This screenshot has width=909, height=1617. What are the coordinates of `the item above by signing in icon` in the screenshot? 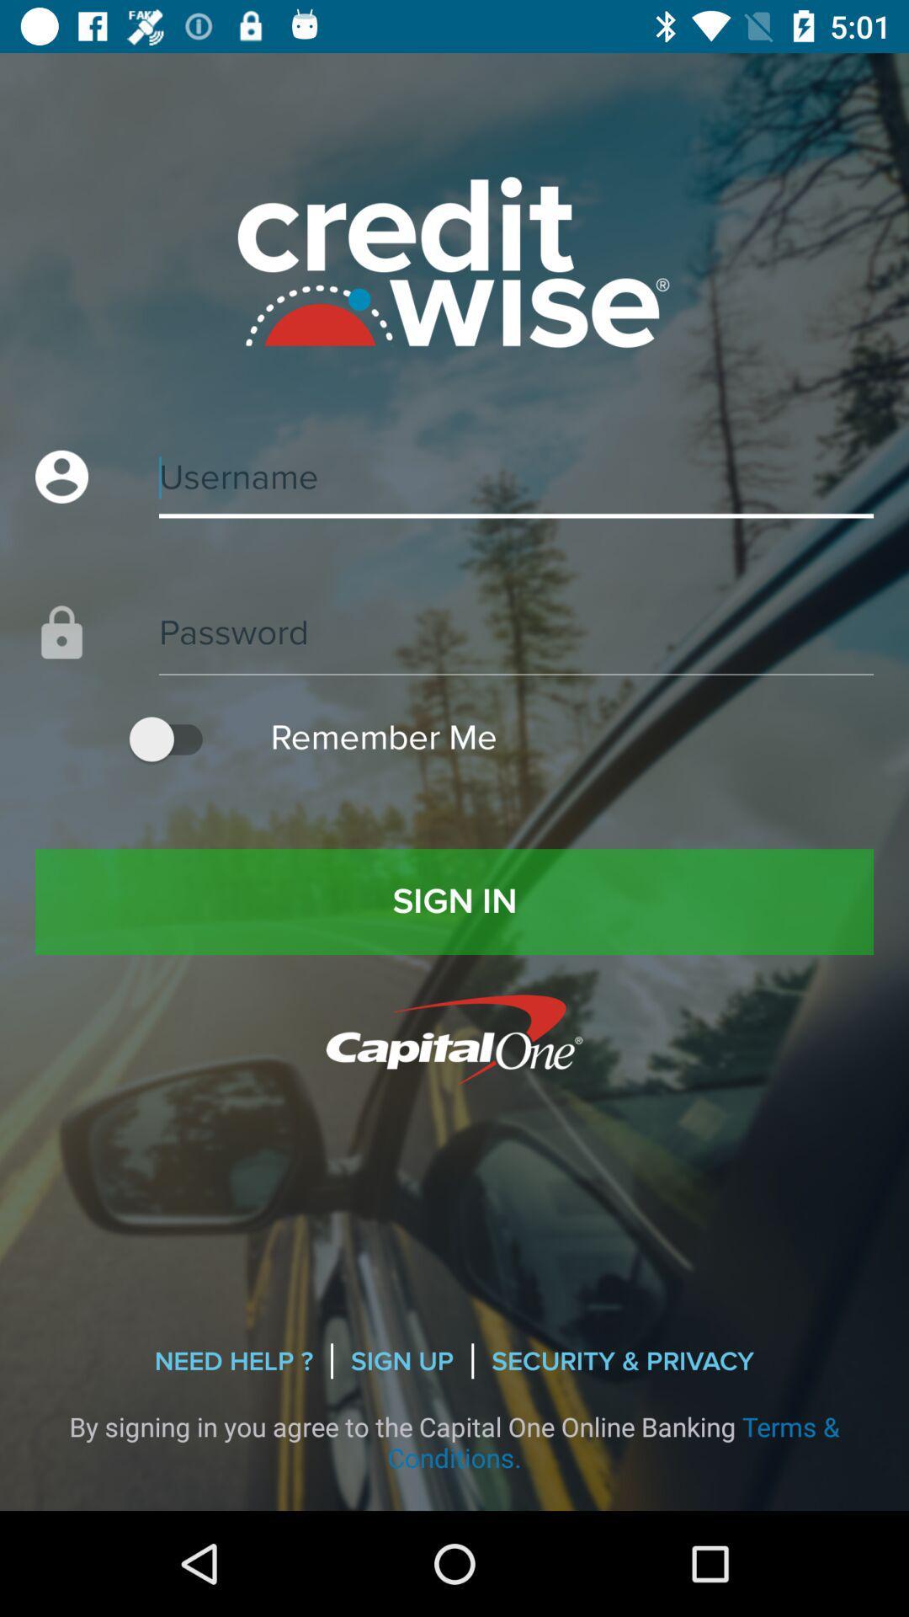 It's located at (623, 1361).